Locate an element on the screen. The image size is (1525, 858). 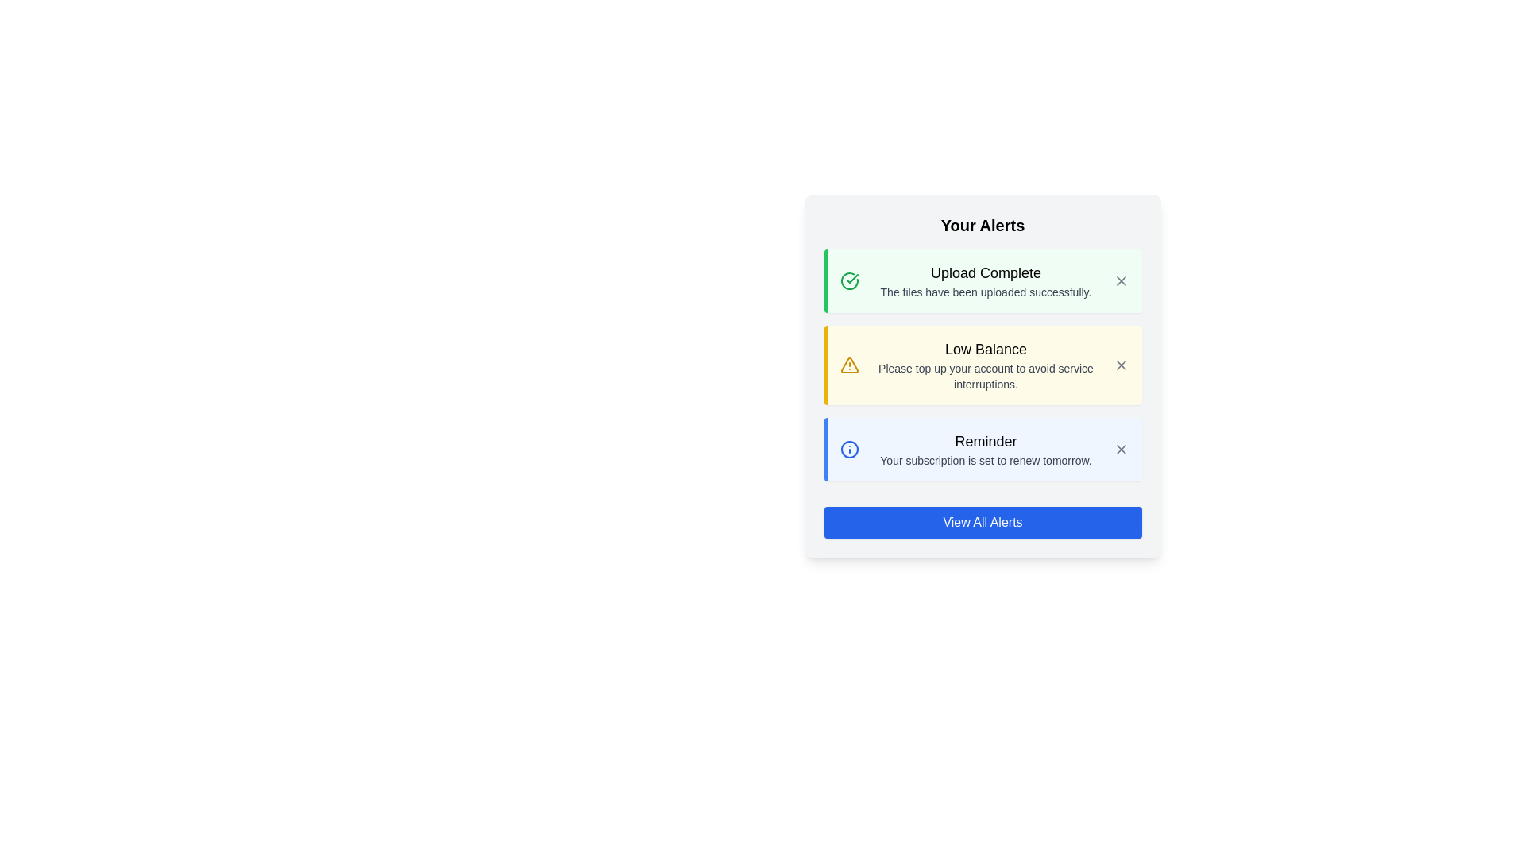
the Close icon, which is a diagonal cross mark styled with rounded line caps and joins, located within the 'Low Balance' notification card on the right-hand side of the notifications list is located at coordinates (1120, 365).